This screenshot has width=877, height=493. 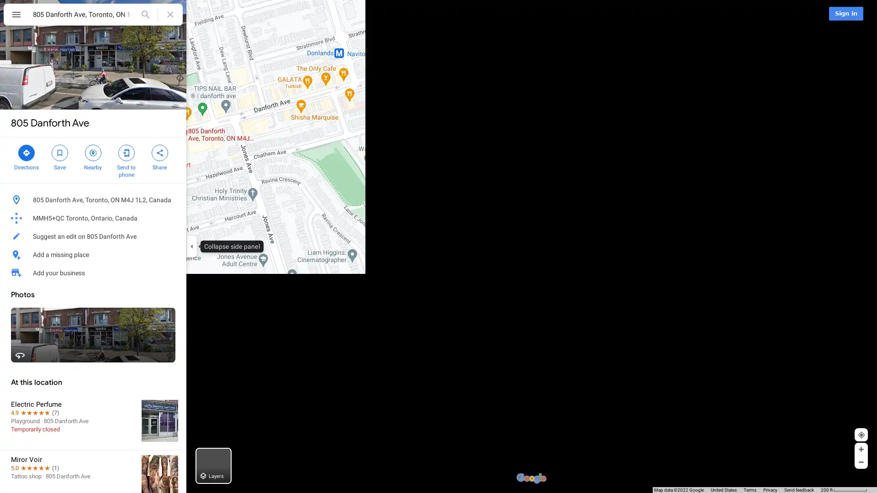 I want to click on Attractions, so click(x=318, y=14).